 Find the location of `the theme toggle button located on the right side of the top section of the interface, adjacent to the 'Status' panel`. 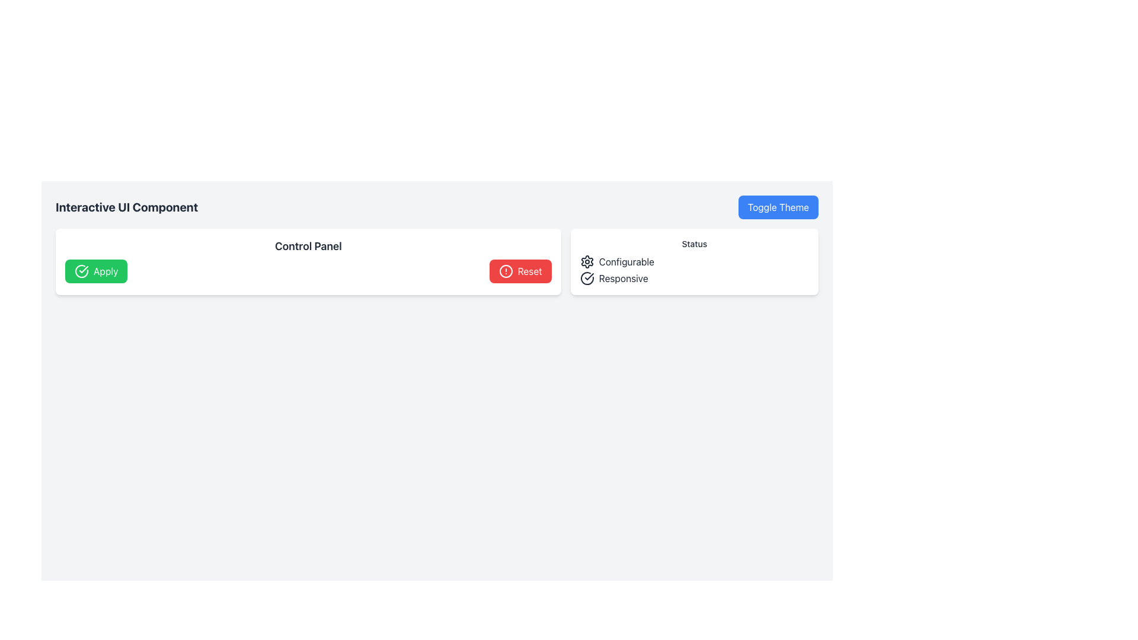

the theme toggle button located on the right side of the top section of the interface, adjacent to the 'Status' panel is located at coordinates (778, 207).